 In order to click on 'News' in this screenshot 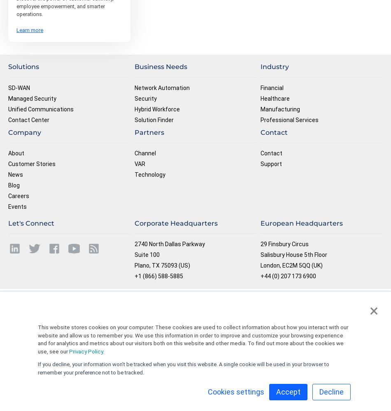, I will do `click(16, 174)`.